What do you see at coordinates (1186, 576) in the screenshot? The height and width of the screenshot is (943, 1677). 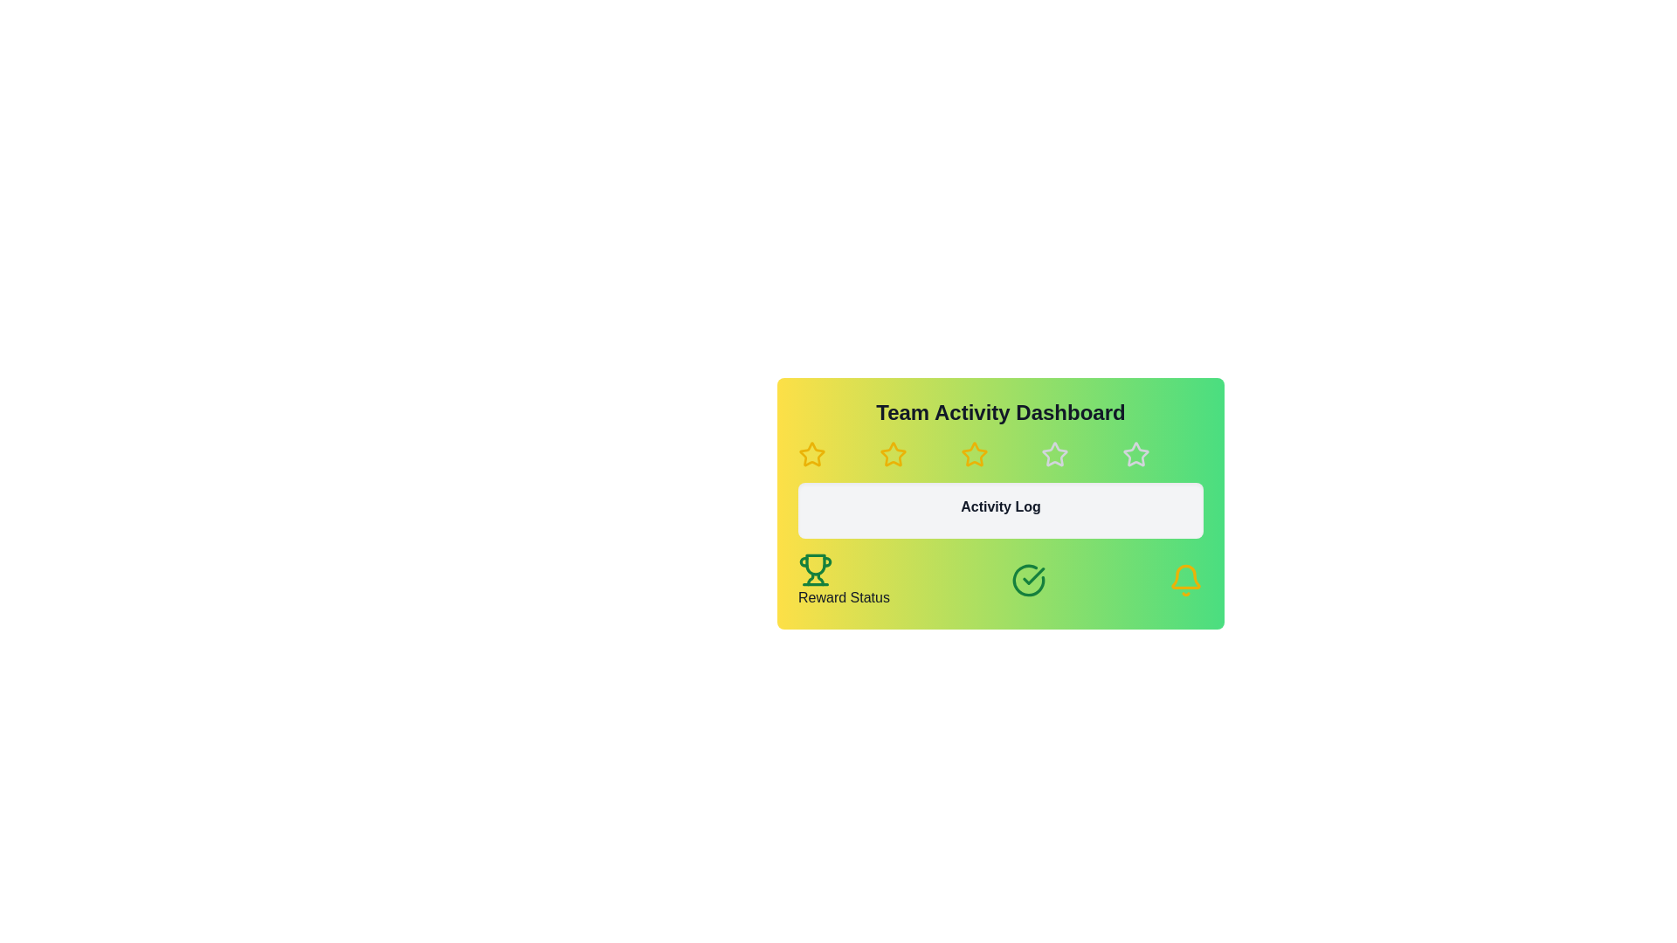 I see `the notification icon located at the bottom-right corner of the 'Team Activity Dashboard' panel, which serves as a visual indicator for alerts` at bounding box center [1186, 576].